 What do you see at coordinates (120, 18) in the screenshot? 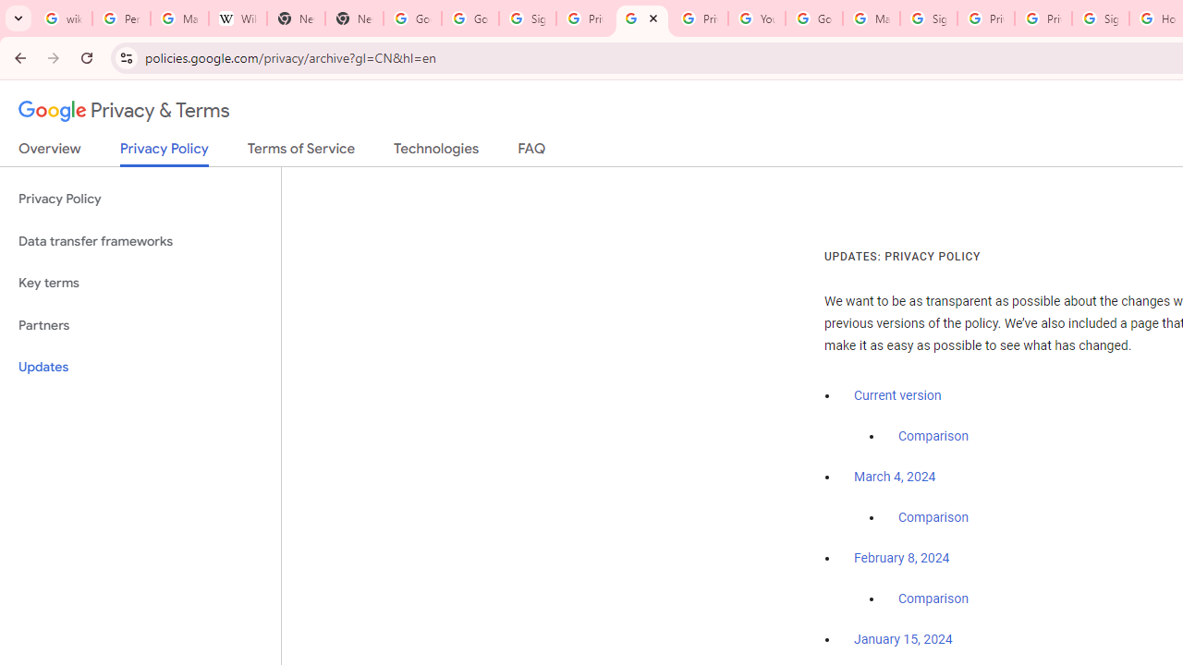
I see `'Personalization & Google Search results - Google Search Help'` at bounding box center [120, 18].